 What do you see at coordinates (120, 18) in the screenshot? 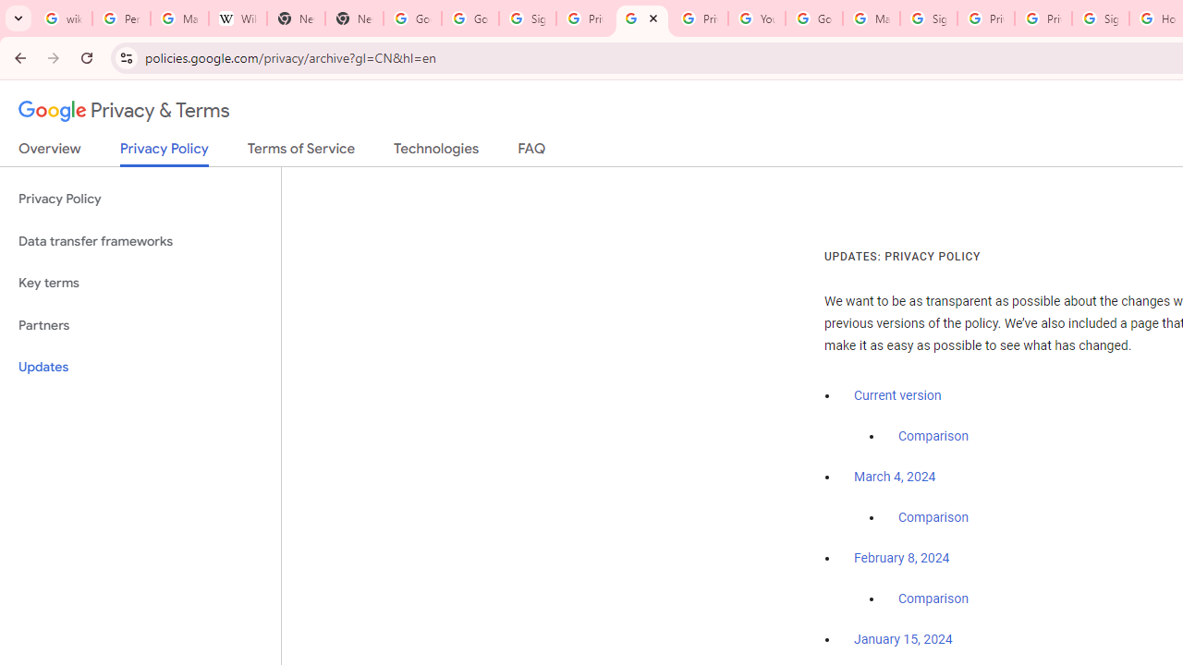
I see `'Personalization & Google Search results - Google Search Help'` at bounding box center [120, 18].